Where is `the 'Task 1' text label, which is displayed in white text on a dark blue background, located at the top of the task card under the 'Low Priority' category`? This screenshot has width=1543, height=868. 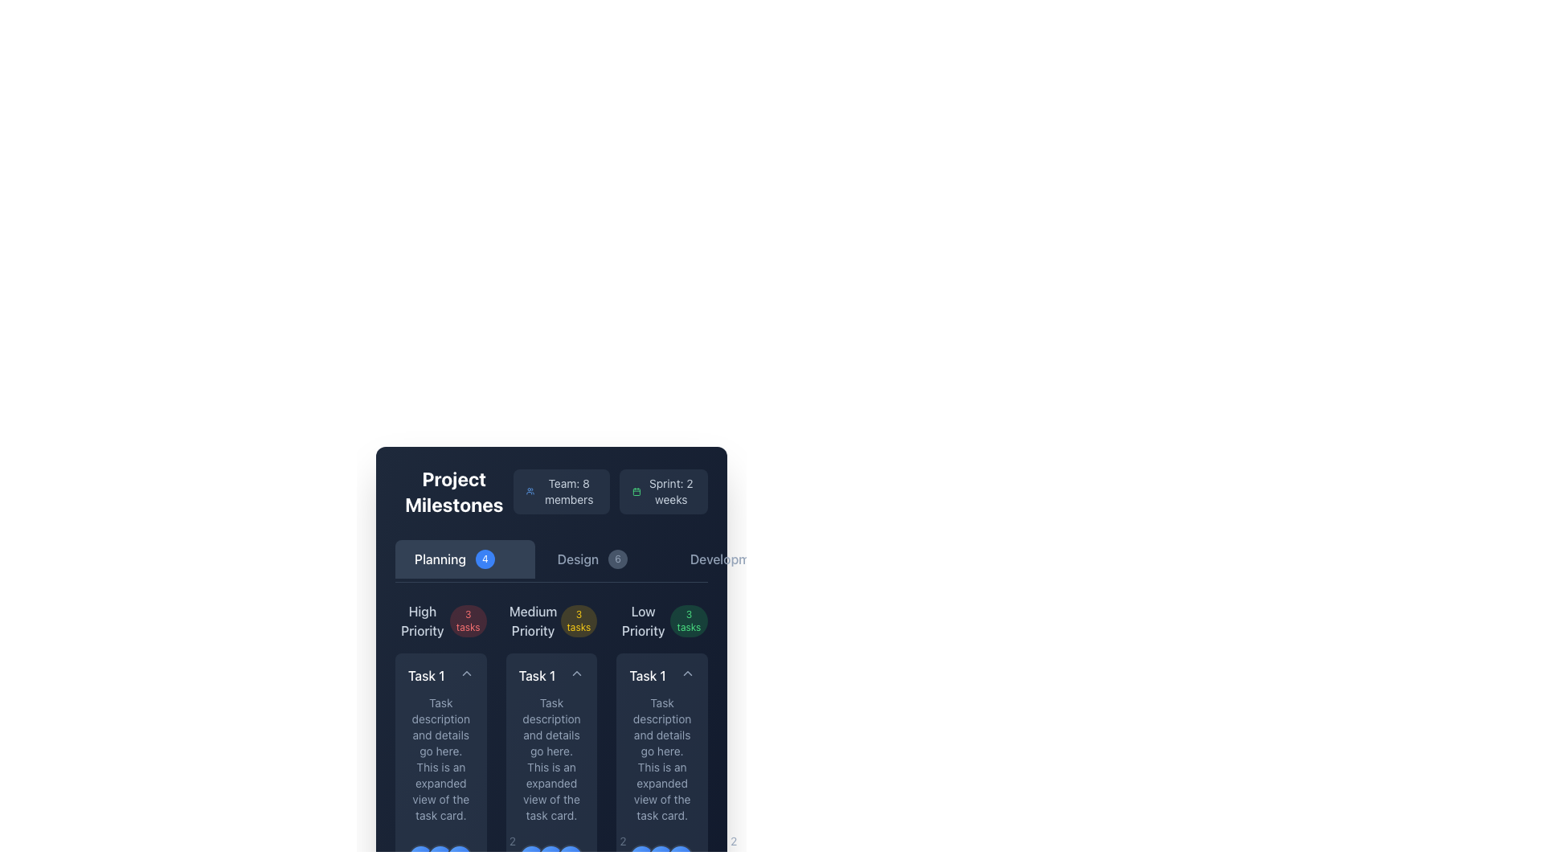
the 'Task 1' text label, which is displayed in white text on a dark blue background, located at the top of the task card under the 'Low Priority' category is located at coordinates (662, 675).